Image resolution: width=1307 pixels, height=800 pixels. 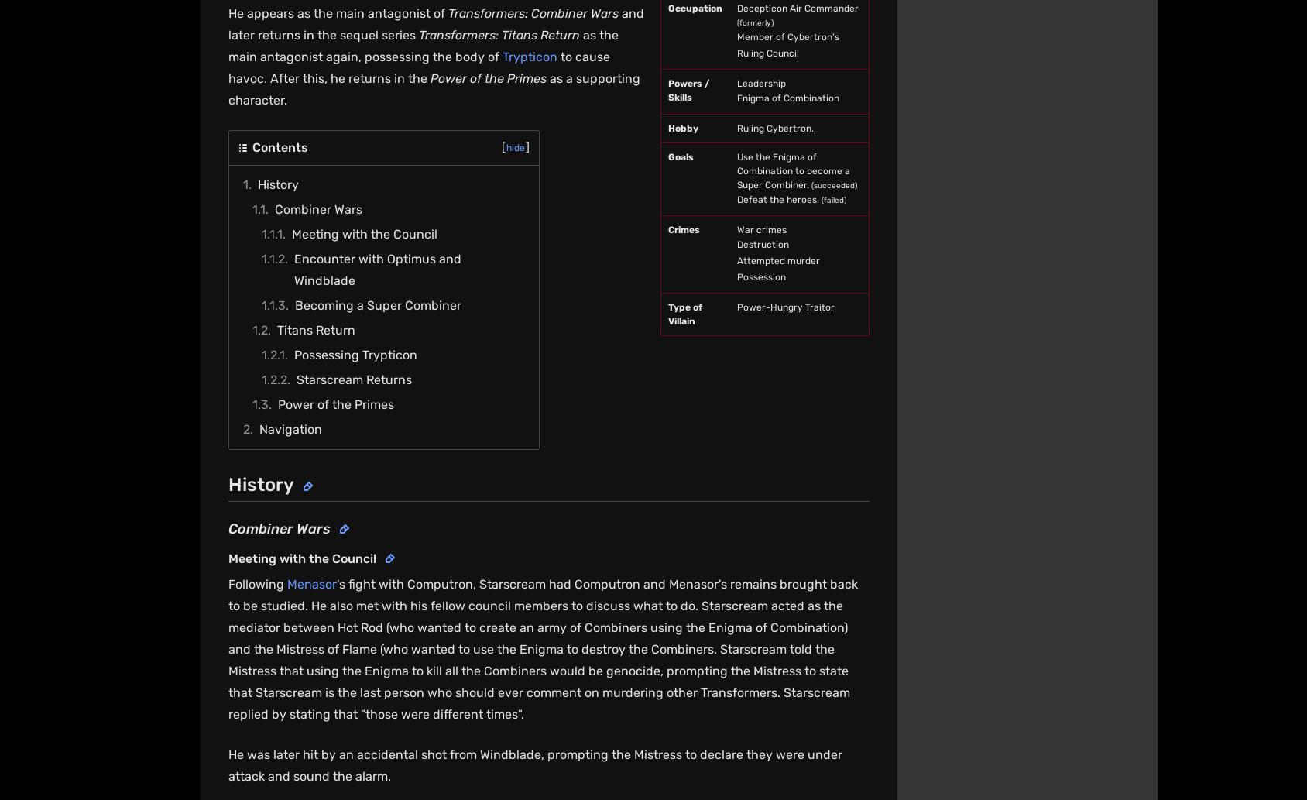 I want to click on 'Take your favorite fandoms with you and never miss a beat.', so click(x=960, y=459).